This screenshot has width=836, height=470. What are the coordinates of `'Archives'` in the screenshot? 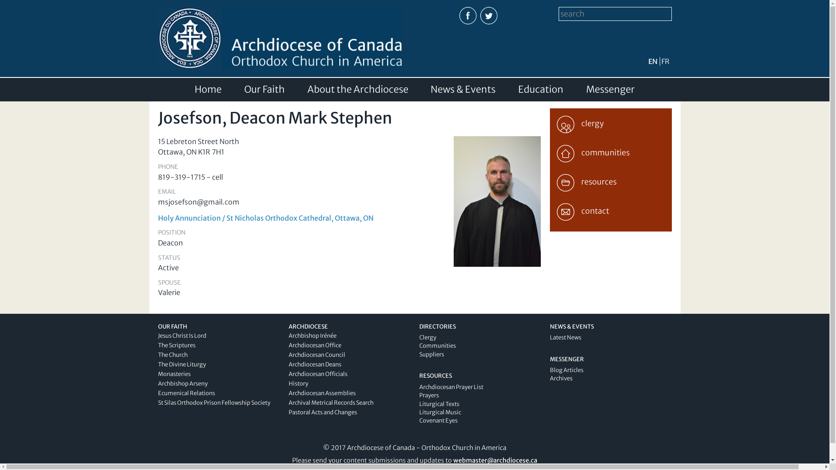 It's located at (560, 378).